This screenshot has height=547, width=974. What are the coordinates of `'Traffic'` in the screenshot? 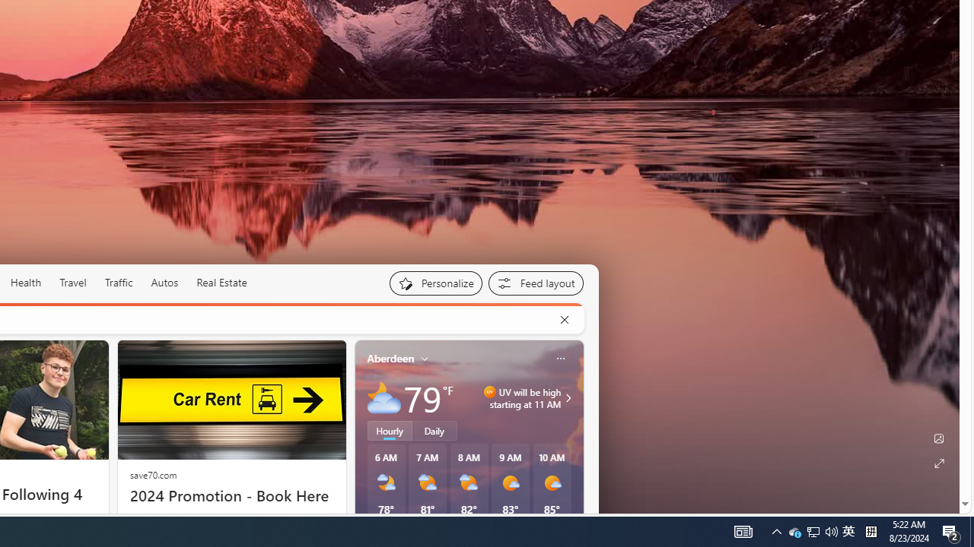 It's located at (118, 283).